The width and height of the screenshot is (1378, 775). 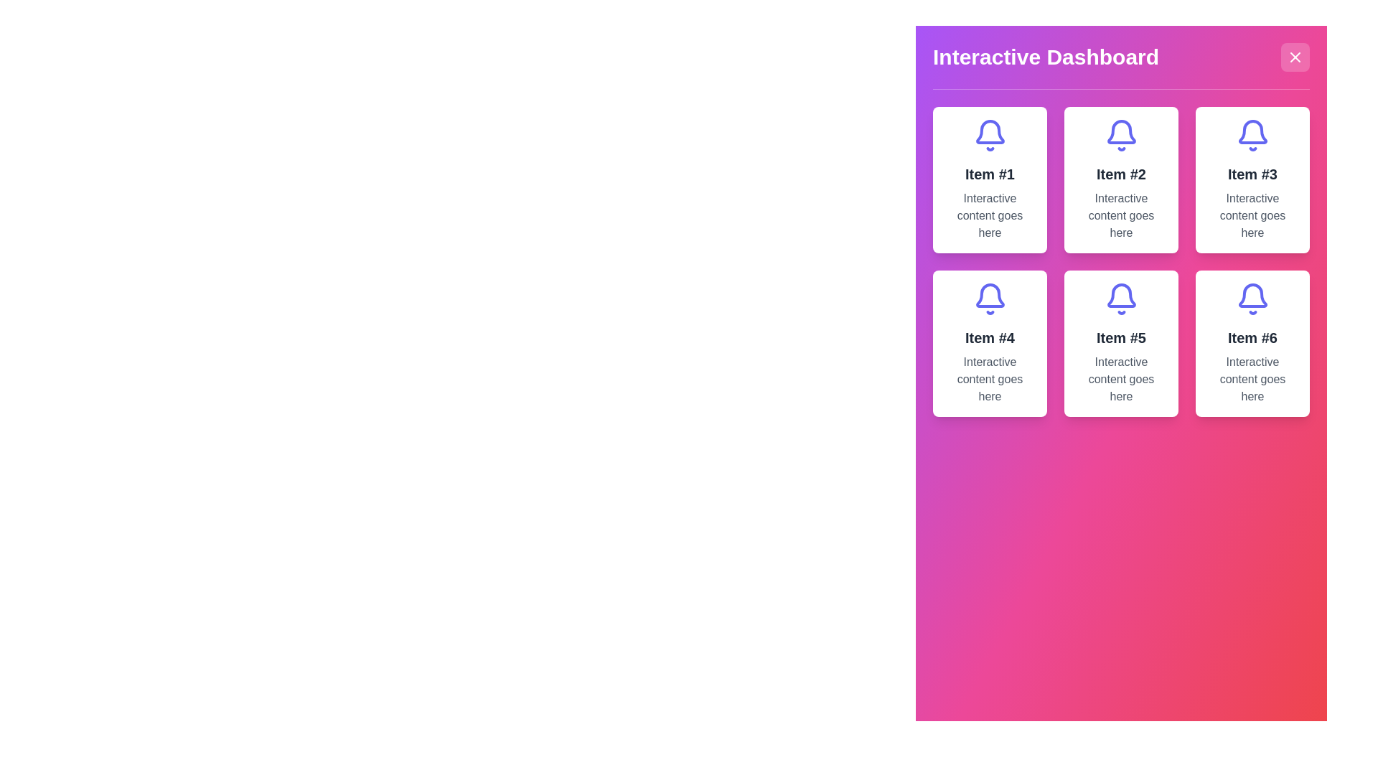 What do you see at coordinates (989, 298) in the screenshot?
I see `the notification icon located in the second row of the card layout under the heading 'Item #4', which serves as a visual representation for alerts` at bounding box center [989, 298].